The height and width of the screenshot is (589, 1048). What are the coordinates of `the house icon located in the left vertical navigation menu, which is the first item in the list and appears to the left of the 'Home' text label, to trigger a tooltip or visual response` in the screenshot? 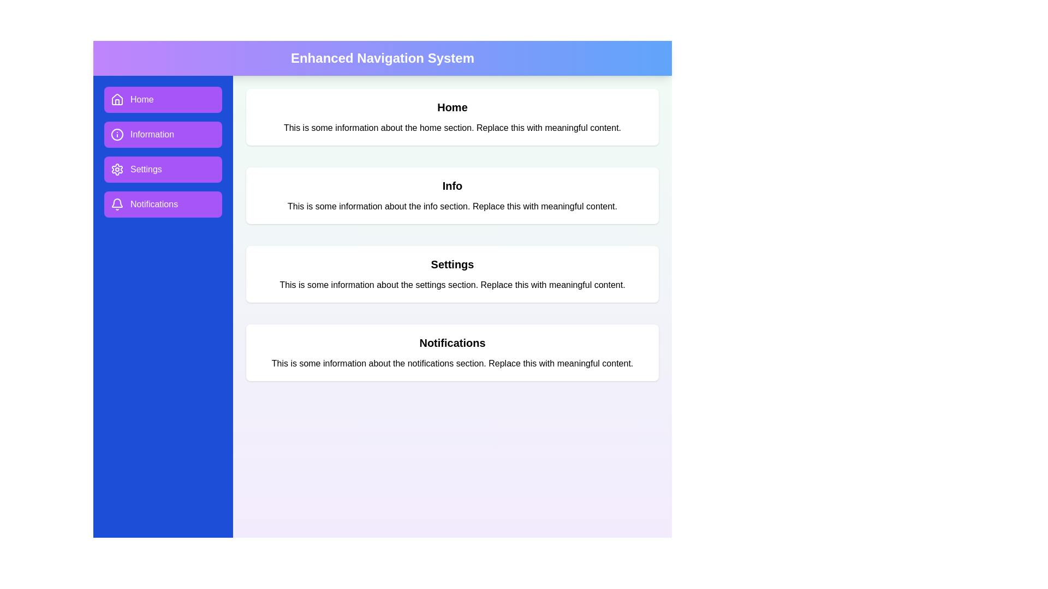 It's located at (117, 99).